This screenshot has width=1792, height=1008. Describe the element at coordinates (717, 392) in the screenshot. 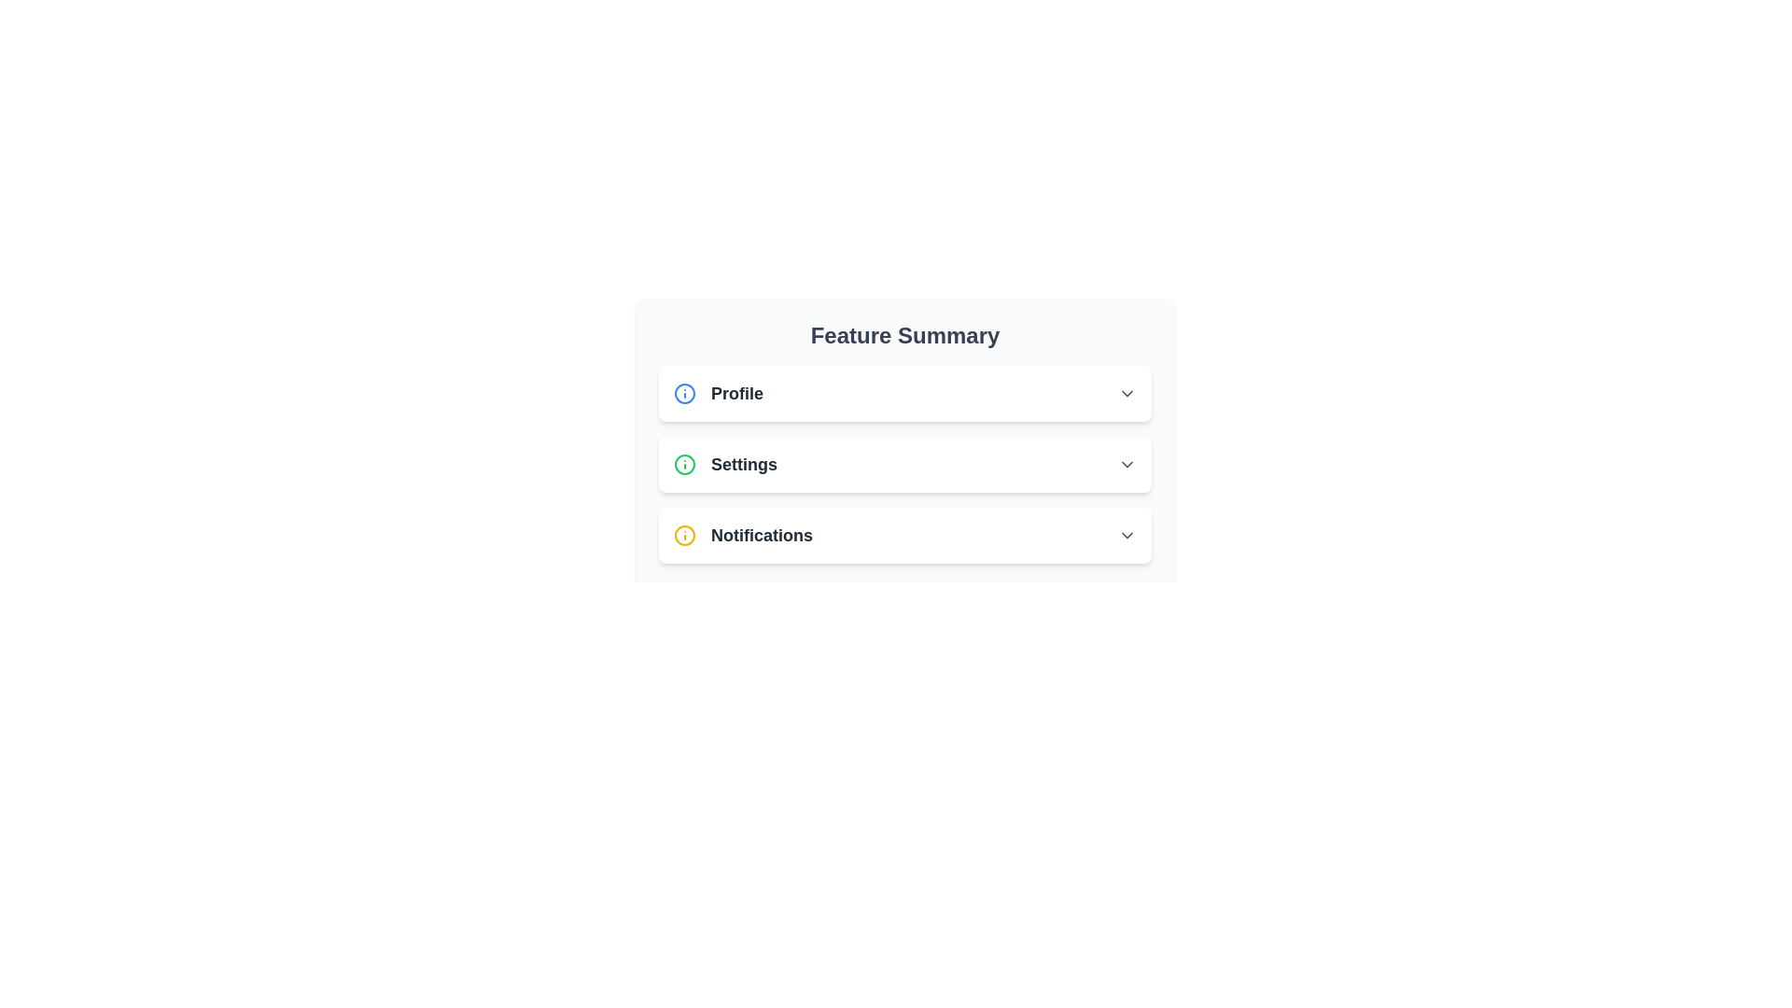

I see `the 'Profile' text label with adjacent icon in the 'Feature Summary' section` at that location.